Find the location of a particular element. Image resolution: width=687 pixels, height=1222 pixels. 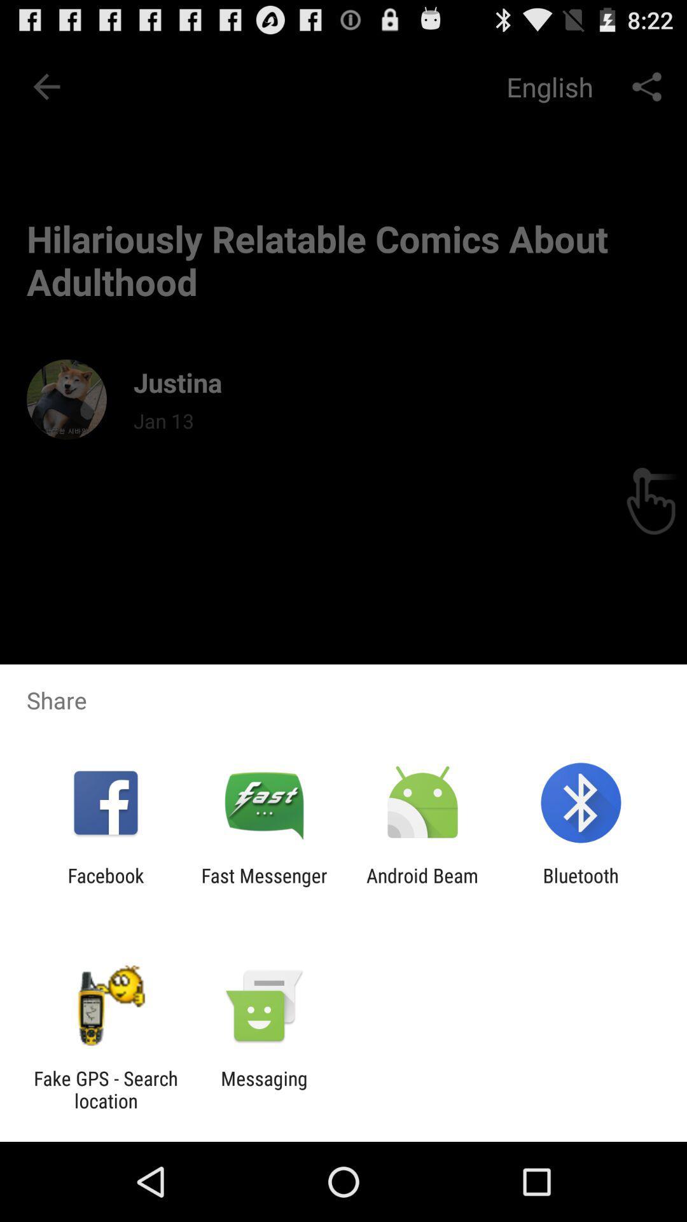

messaging icon is located at coordinates (263, 1089).